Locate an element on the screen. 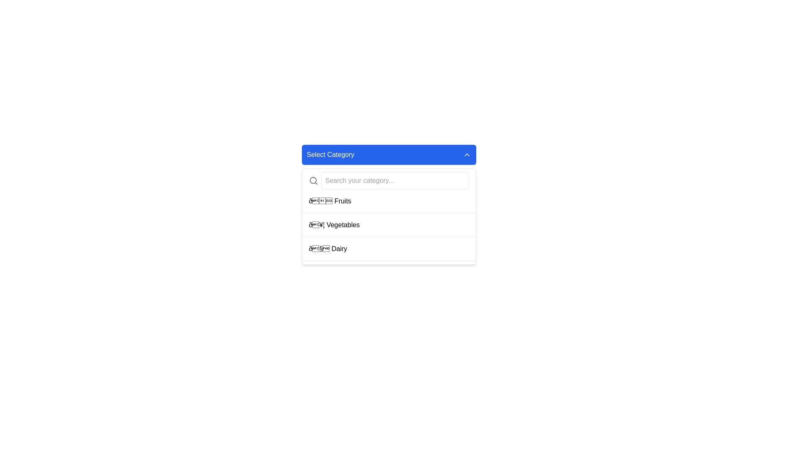  the '🥦 Vegetables' menu item in the dropdown menu is located at coordinates (388, 225).